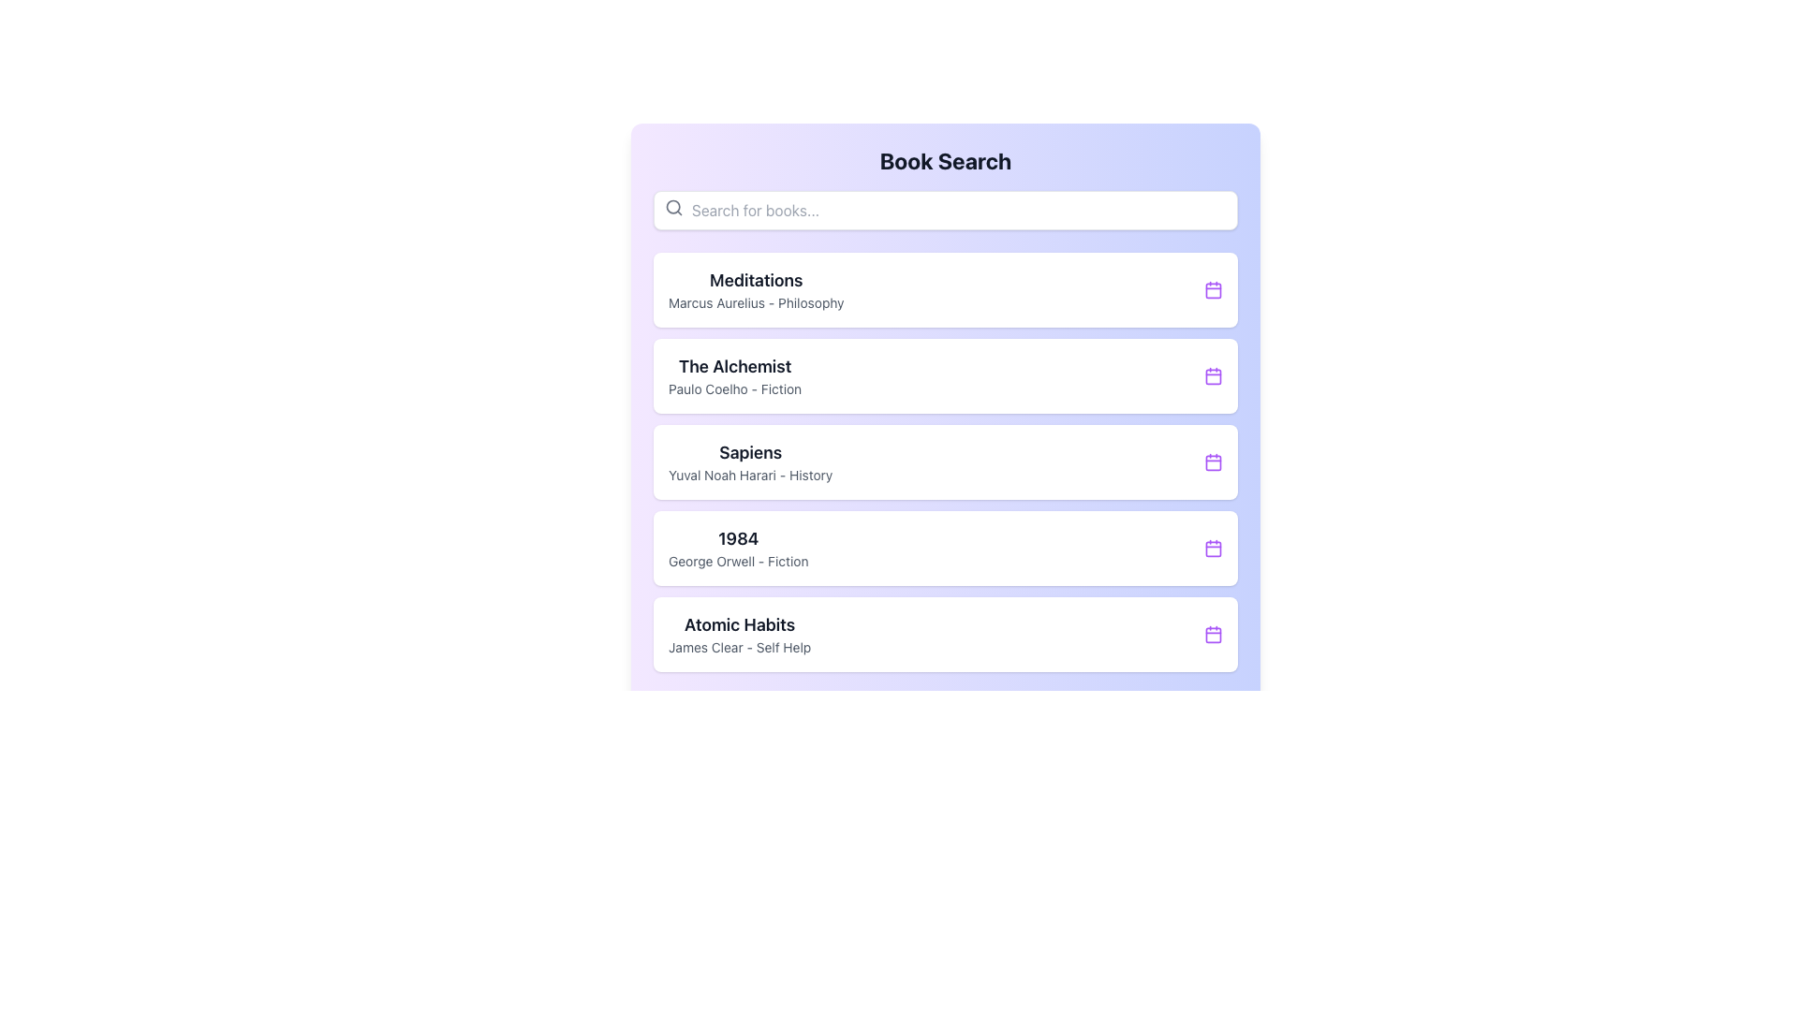 This screenshot has height=1011, width=1798. Describe the element at coordinates (945, 462) in the screenshot. I see `the selected entry in the 'Book Search' list to choose it` at that location.